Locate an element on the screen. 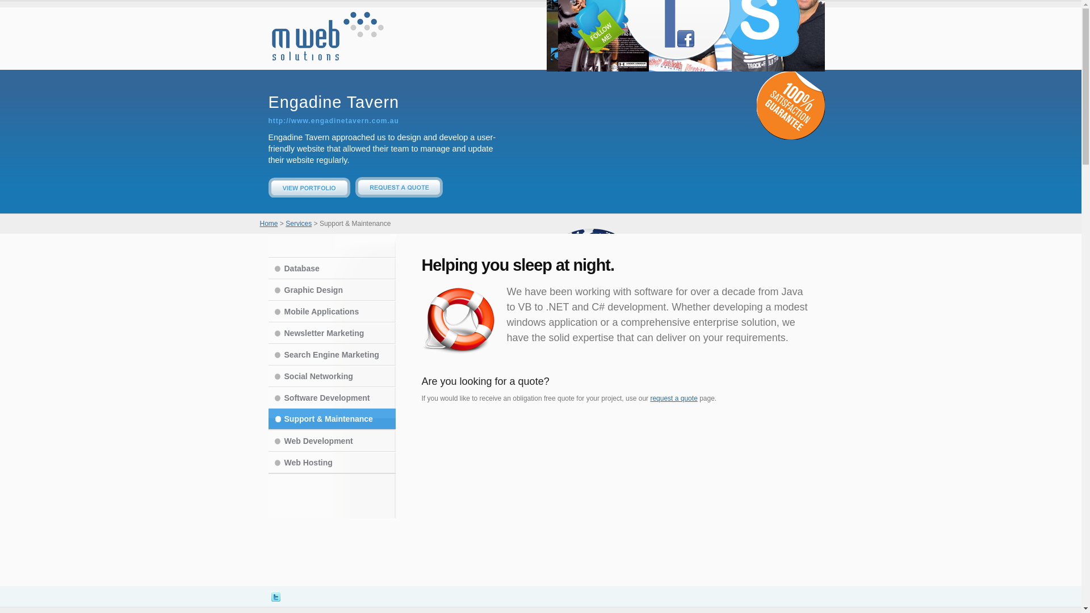 This screenshot has width=1090, height=613. 'Request a Quote' is located at coordinates (399, 194).